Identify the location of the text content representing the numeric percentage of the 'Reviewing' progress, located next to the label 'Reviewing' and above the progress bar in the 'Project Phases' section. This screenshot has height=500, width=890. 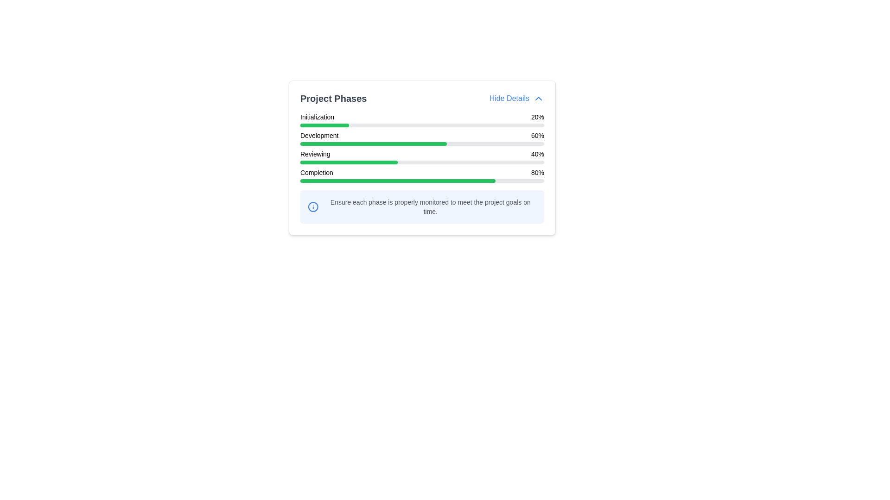
(538, 153).